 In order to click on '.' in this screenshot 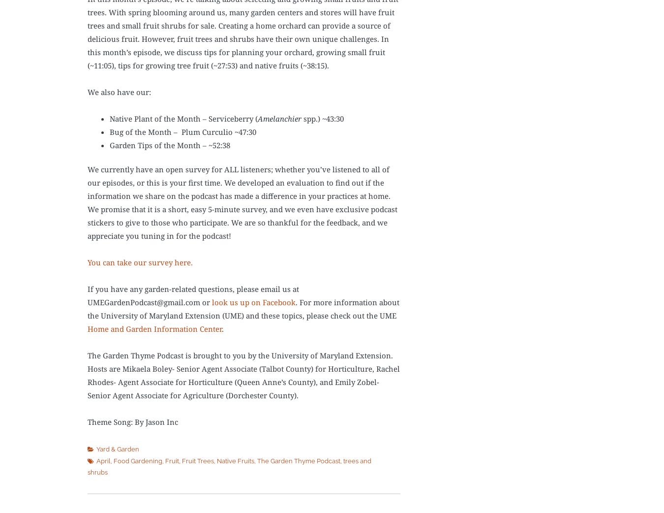, I will do `click(221, 329)`.